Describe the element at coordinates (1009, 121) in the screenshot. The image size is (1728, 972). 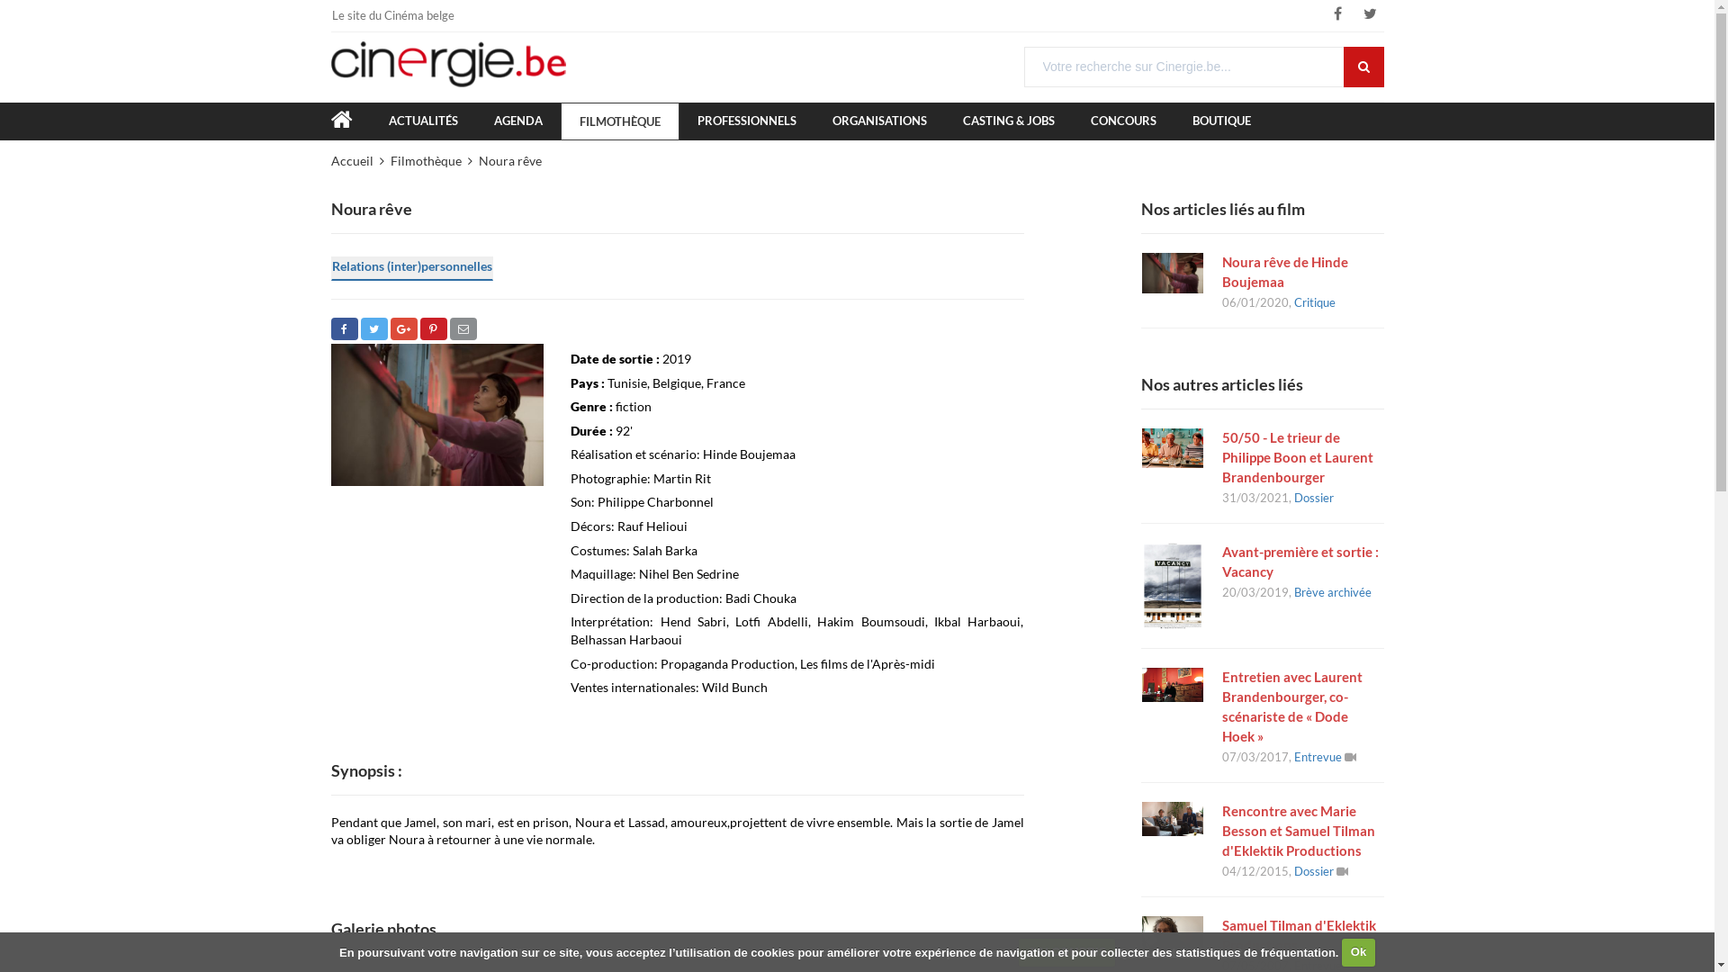
I see `'CASTING & JOBS'` at that location.